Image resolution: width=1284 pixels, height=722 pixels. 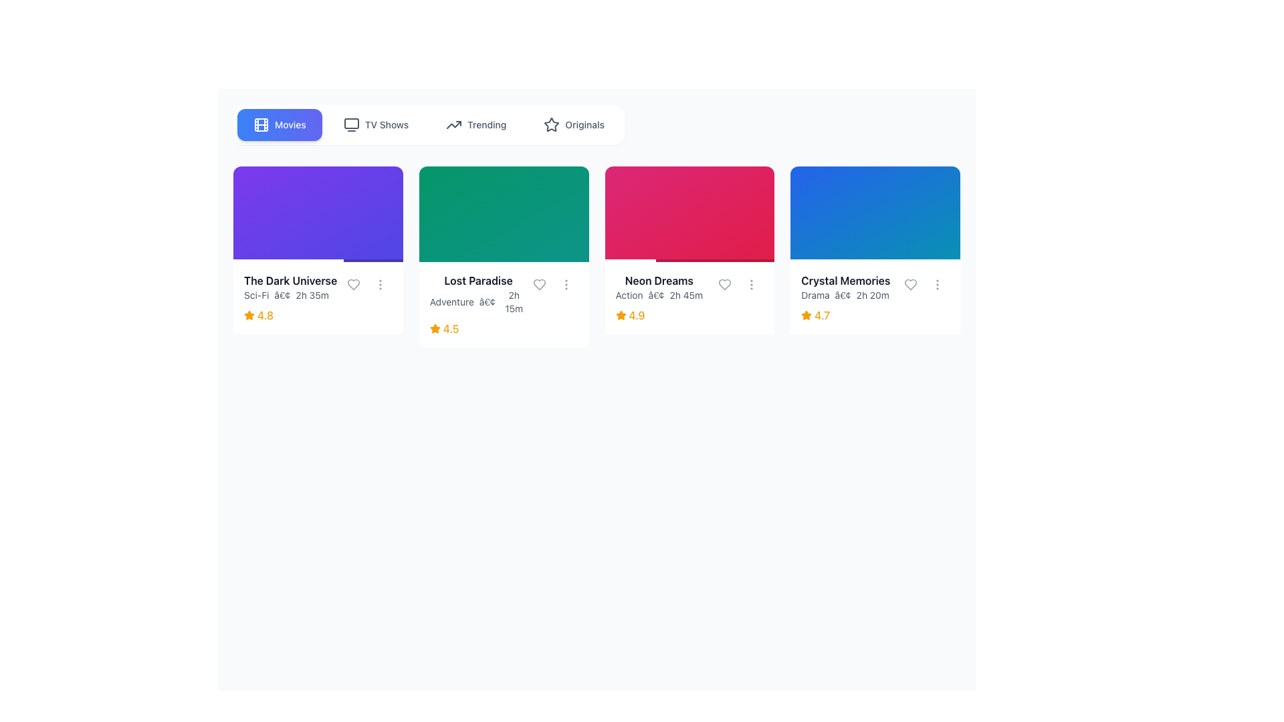 What do you see at coordinates (574, 124) in the screenshot?
I see `the Navigation Button labeled 'Originals' which is the fourth option in the horizontal navigation bar` at bounding box center [574, 124].